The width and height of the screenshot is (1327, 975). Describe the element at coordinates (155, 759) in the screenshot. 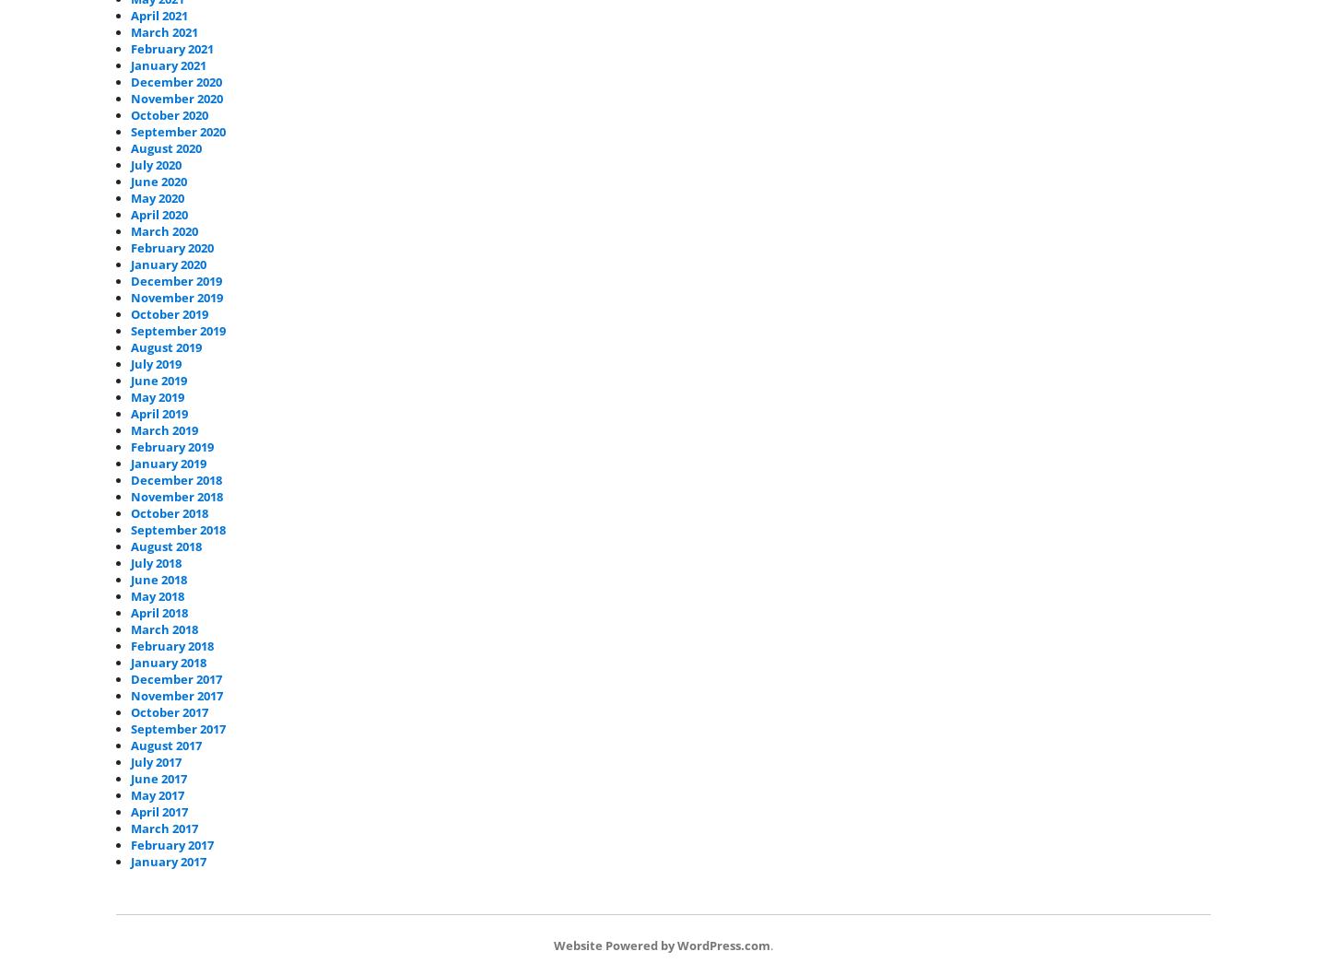

I see `'July 2017'` at that location.